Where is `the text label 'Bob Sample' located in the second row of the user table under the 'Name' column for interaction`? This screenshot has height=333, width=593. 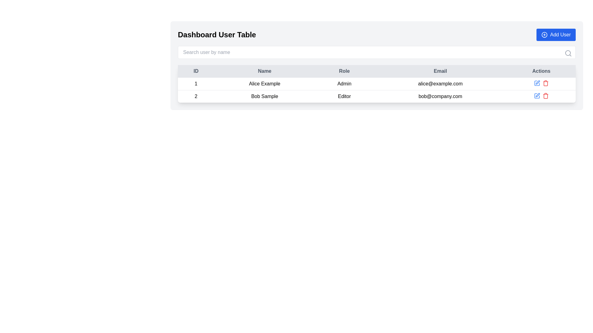 the text label 'Bob Sample' located in the second row of the user table under the 'Name' column for interaction is located at coordinates (264, 96).